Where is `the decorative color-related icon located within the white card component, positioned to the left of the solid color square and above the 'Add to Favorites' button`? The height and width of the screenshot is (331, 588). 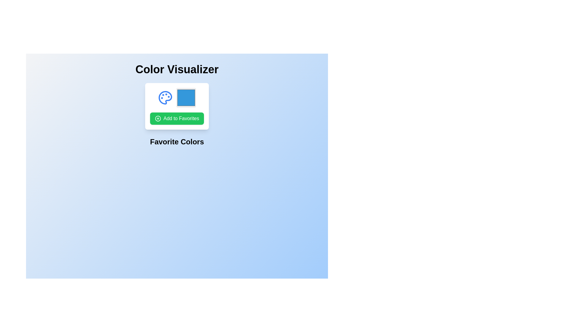 the decorative color-related icon located within the white card component, positioned to the left of the solid color square and above the 'Add to Favorites' button is located at coordinates (165, 97).